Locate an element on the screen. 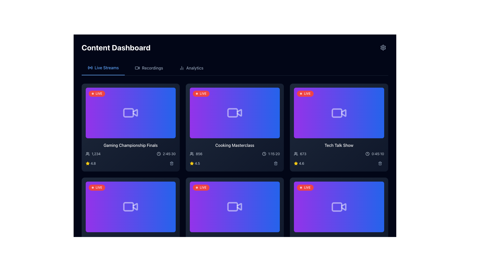  the circular blue button with a white play icon located at the bottom-right corner of the bottom-right card in the dashboard for keyboard interaction is located at coordinates (375, 223).